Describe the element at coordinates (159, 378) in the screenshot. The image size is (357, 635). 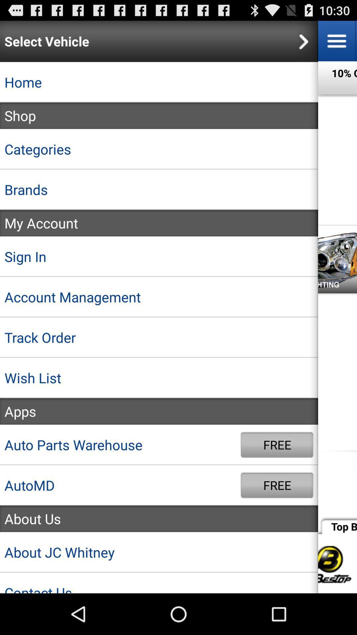
I see `wish list item` at that location.